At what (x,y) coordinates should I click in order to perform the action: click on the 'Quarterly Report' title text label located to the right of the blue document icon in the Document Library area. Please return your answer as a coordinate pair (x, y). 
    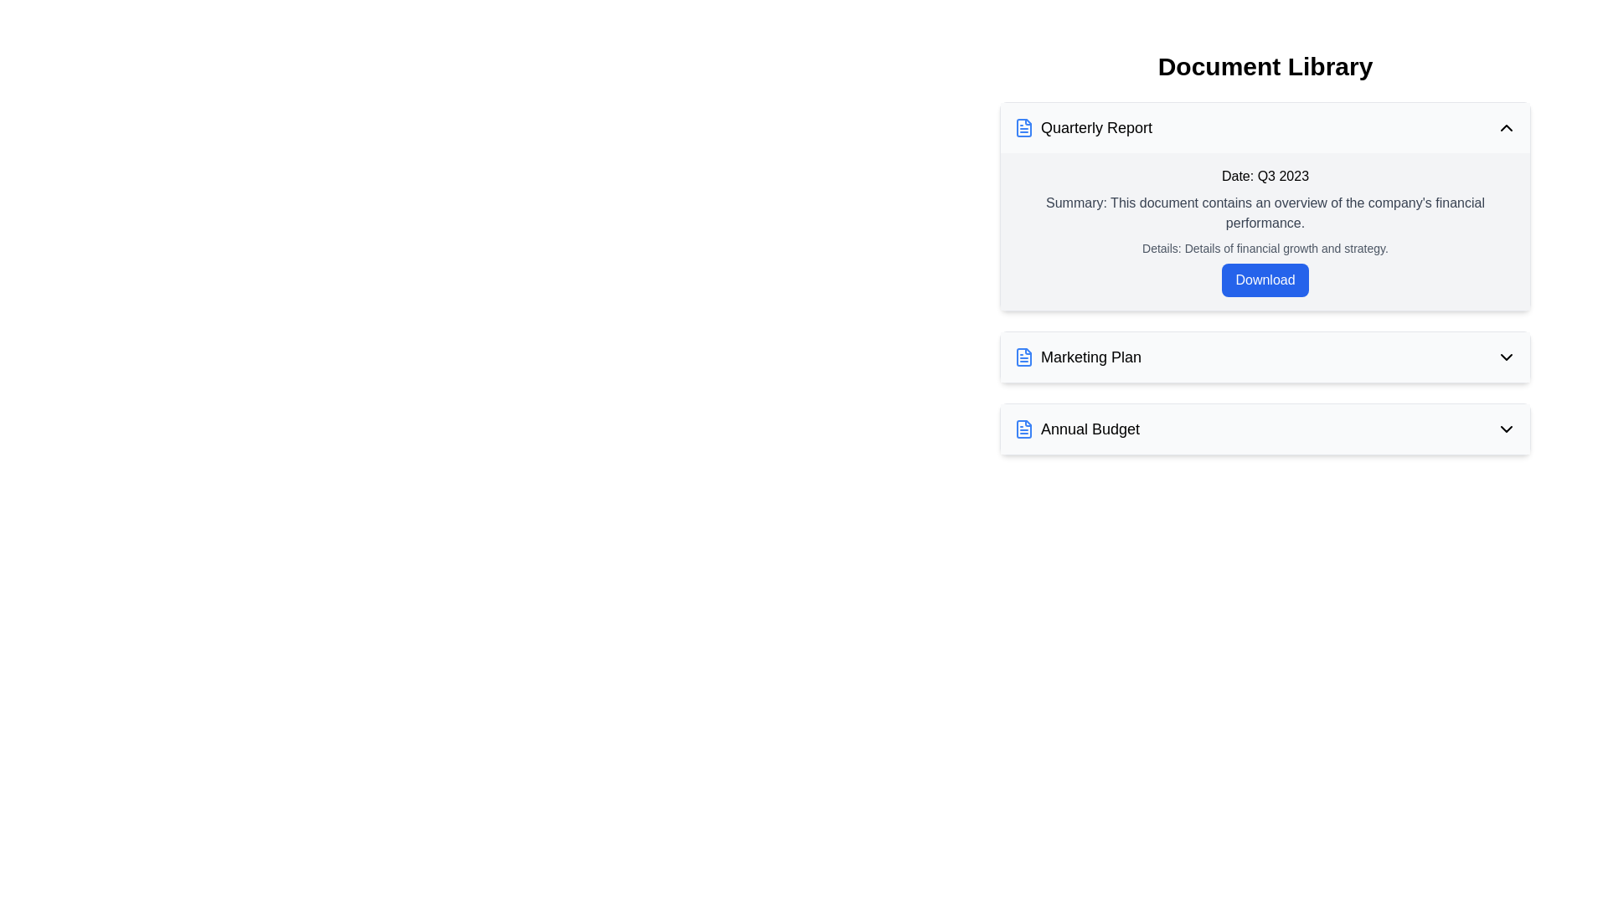
    Looking at the image, I should click on (1096, 127).